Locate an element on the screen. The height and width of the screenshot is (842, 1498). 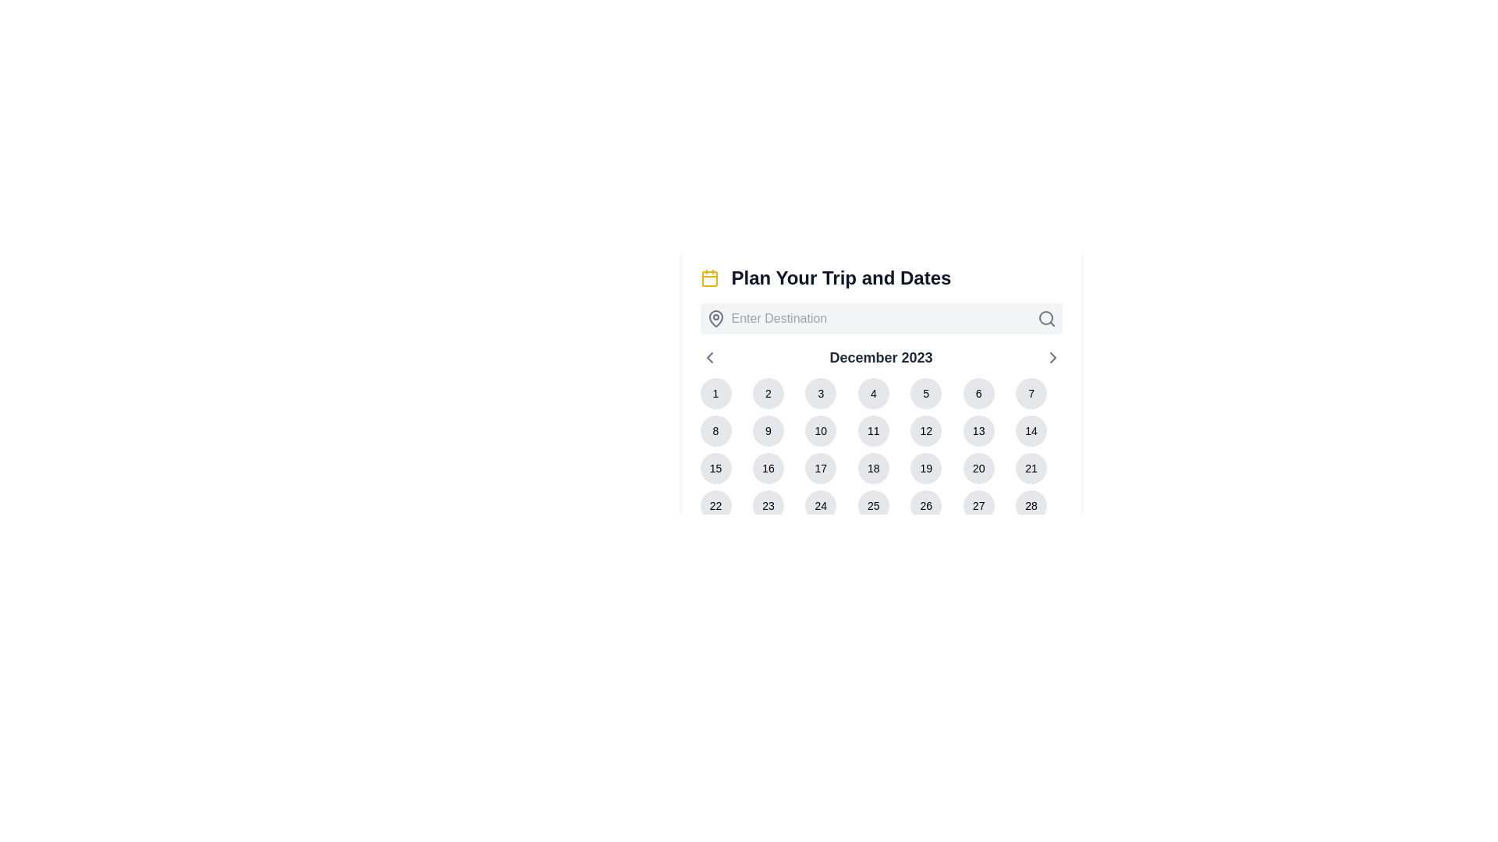
the map pin icon located to the left of the 'Enter Destination' input field to enhance user understanding of location is located at coordinates (715, 317).